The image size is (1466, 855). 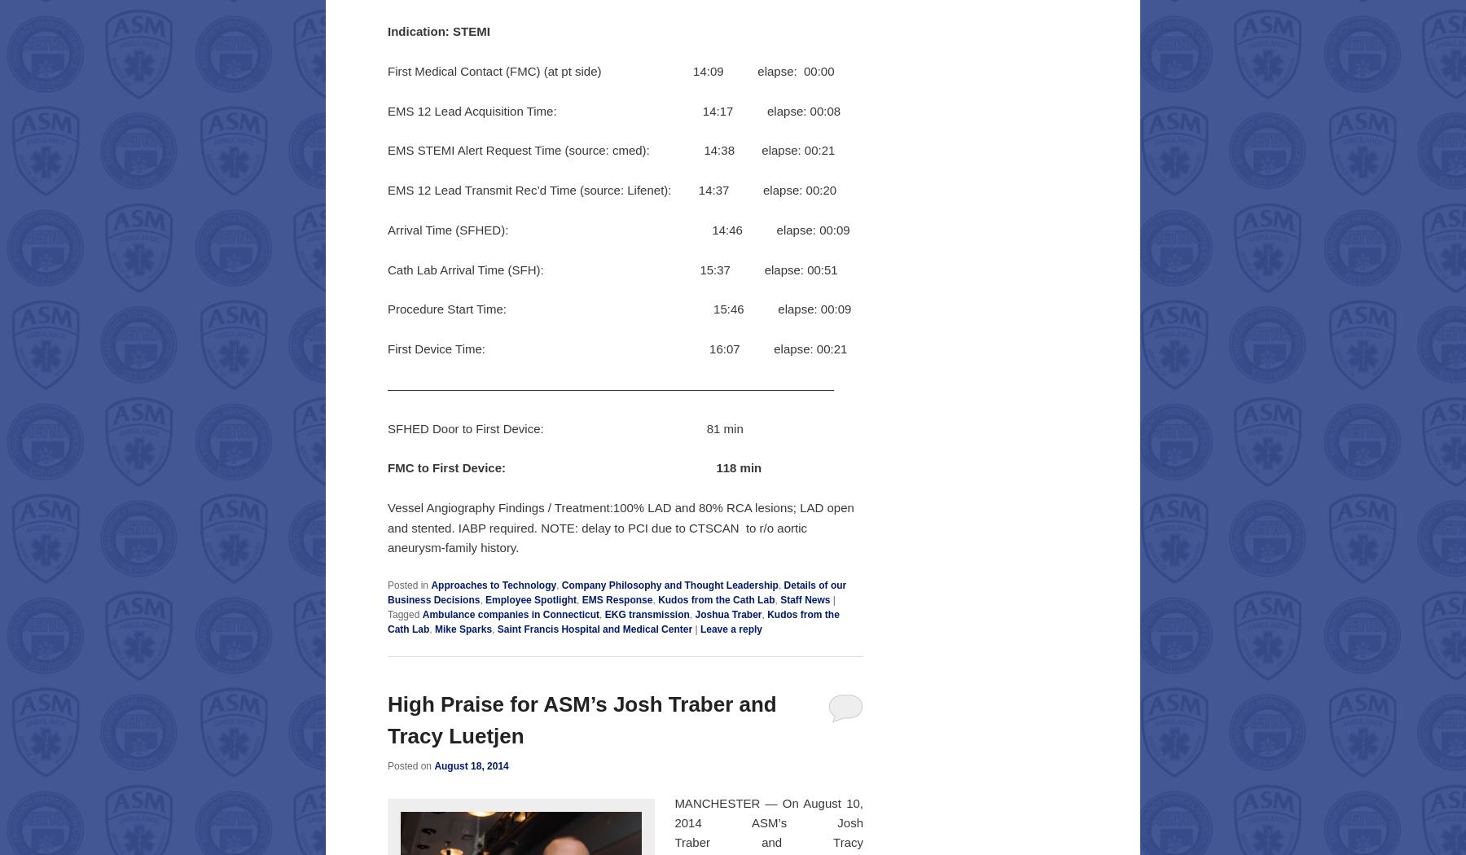 What do you see at coordinates (616, 598) in the screenshot?
I see `'EMS Response'` at bounding box center [616, 598].